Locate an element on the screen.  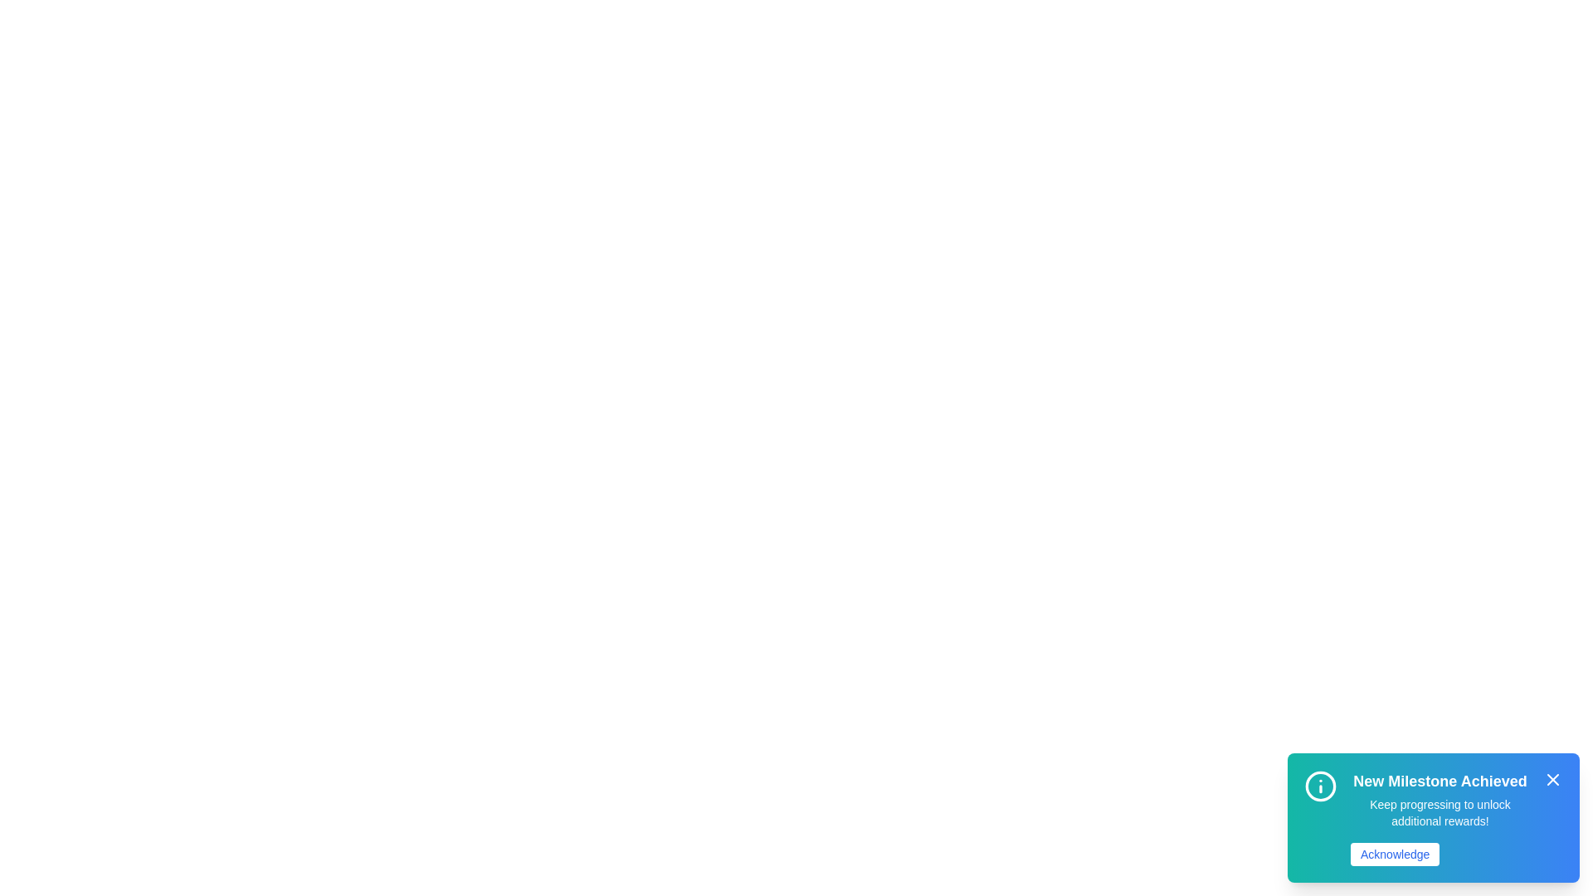
the 'Acknowledge' button to dismiss the notification is located at coordinates (1394, 854).